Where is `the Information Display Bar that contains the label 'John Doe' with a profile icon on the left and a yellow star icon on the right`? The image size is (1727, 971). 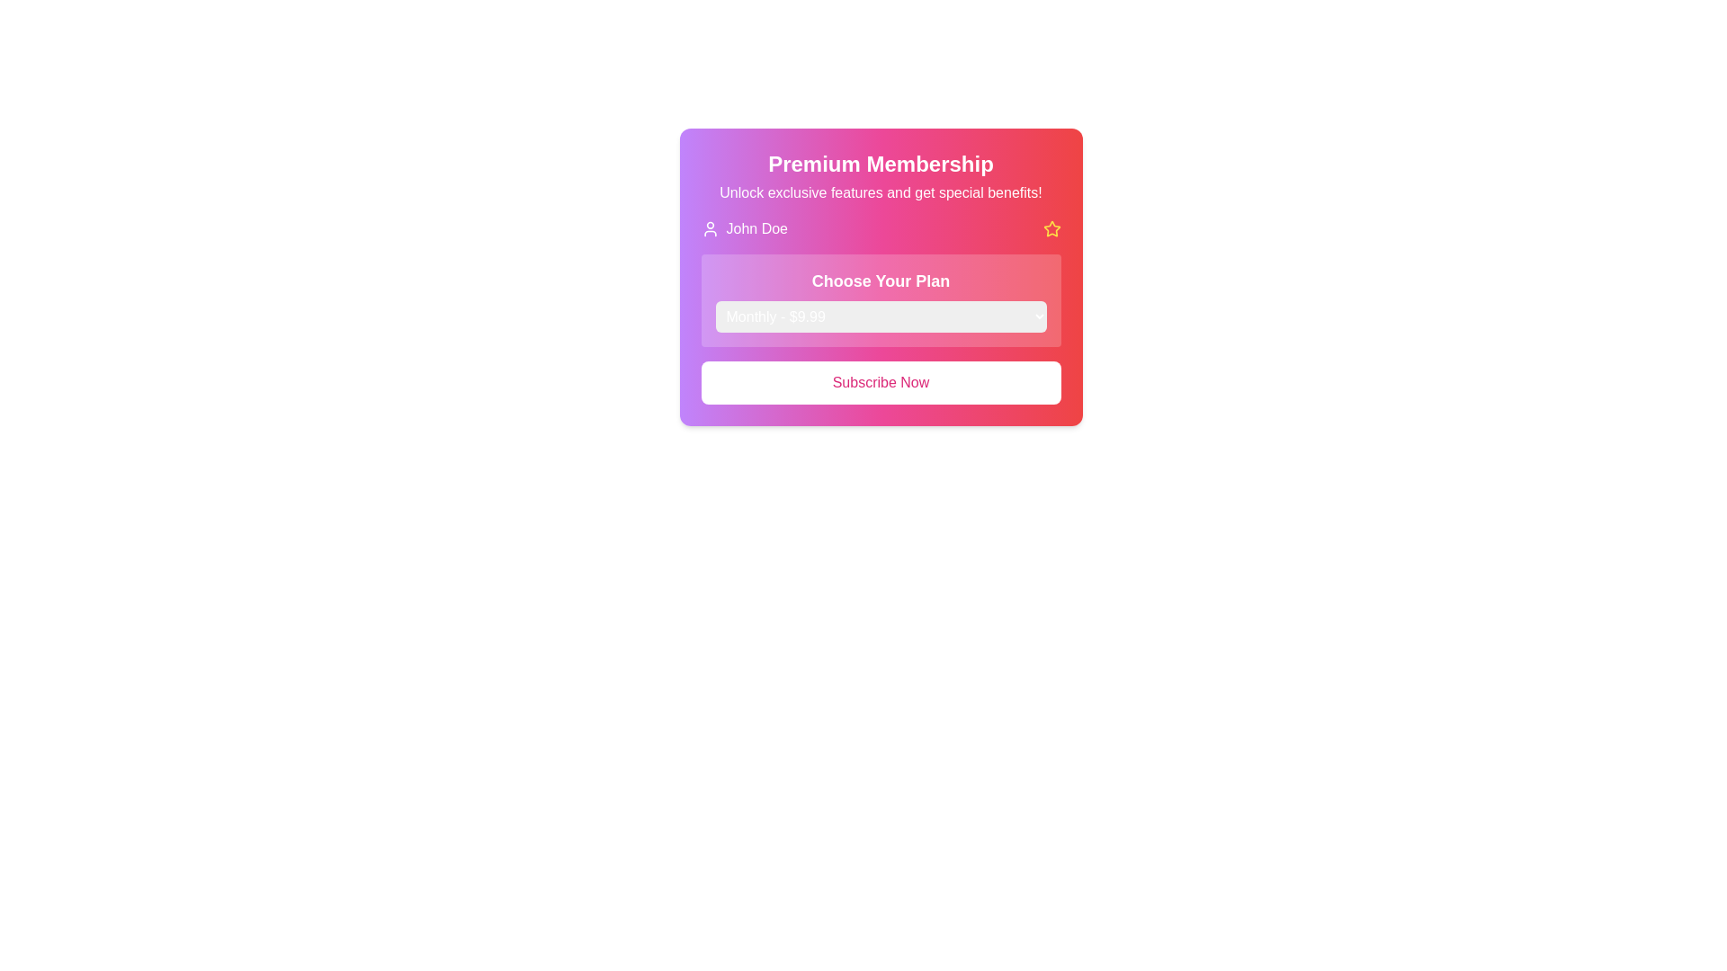 the Information Display Bar that contains the label 'John Doe' with a profile icon on the left and a yellow star icon on the right is located at coordinates (881, 227).